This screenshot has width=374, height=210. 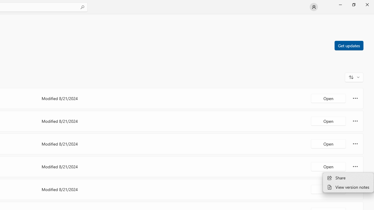 I want to click on 'Sort and filter', so click(x=354, y=77).